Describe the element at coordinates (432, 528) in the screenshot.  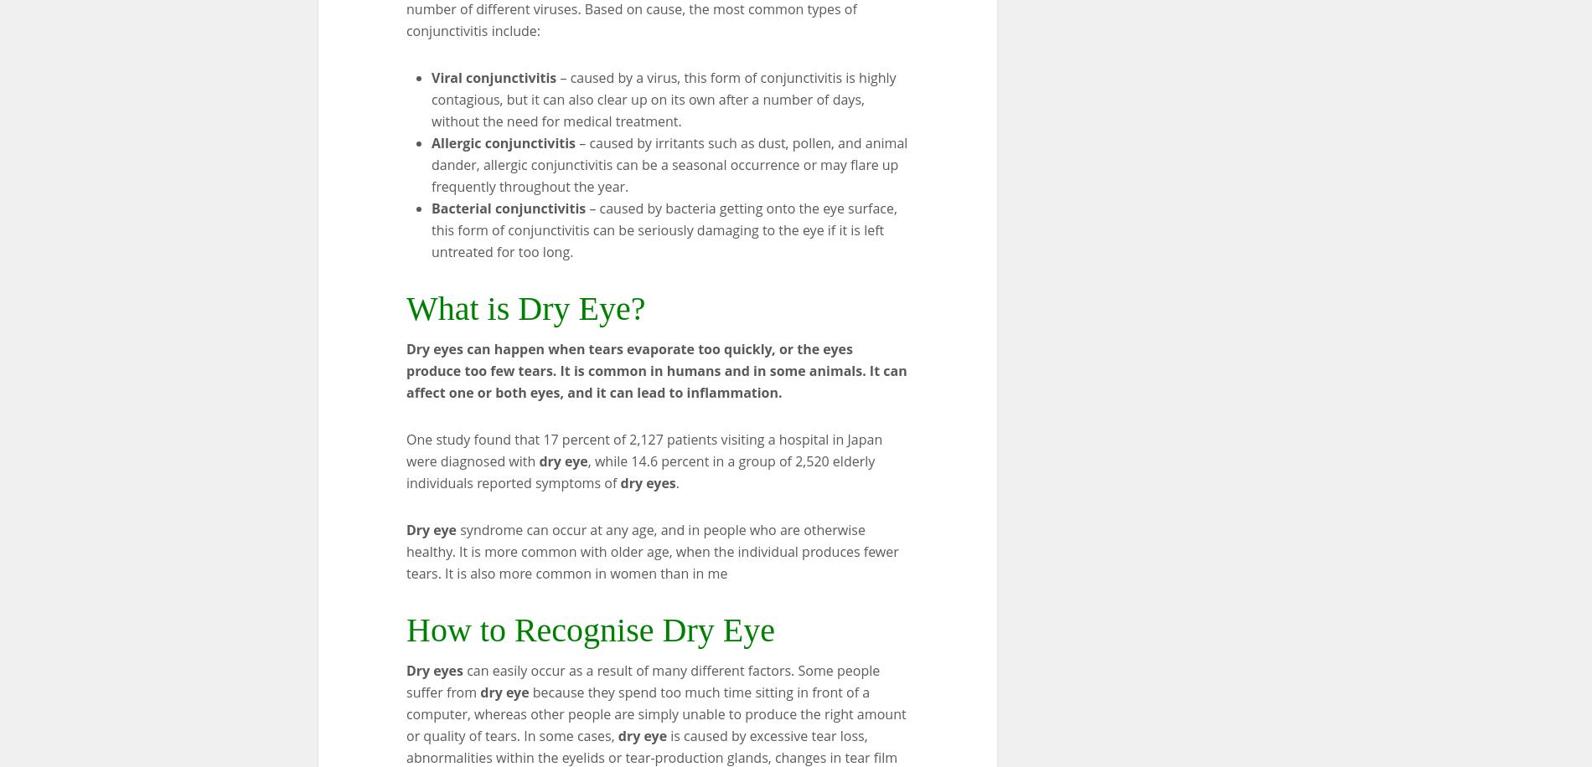
I see `'Dry eye'` at that location.